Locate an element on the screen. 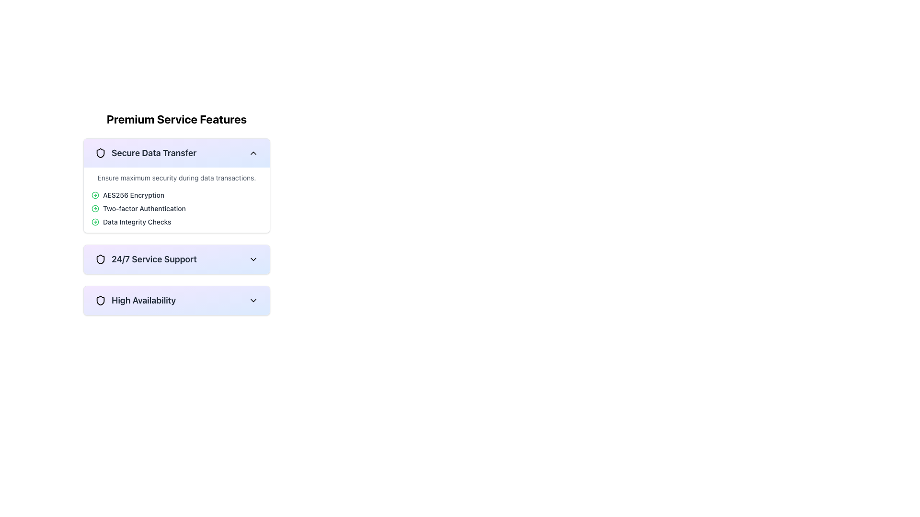  the shield-shaped icon outlined with a black border, located to the left of the text 'High Availability.' is located at coordinates (101, 300).